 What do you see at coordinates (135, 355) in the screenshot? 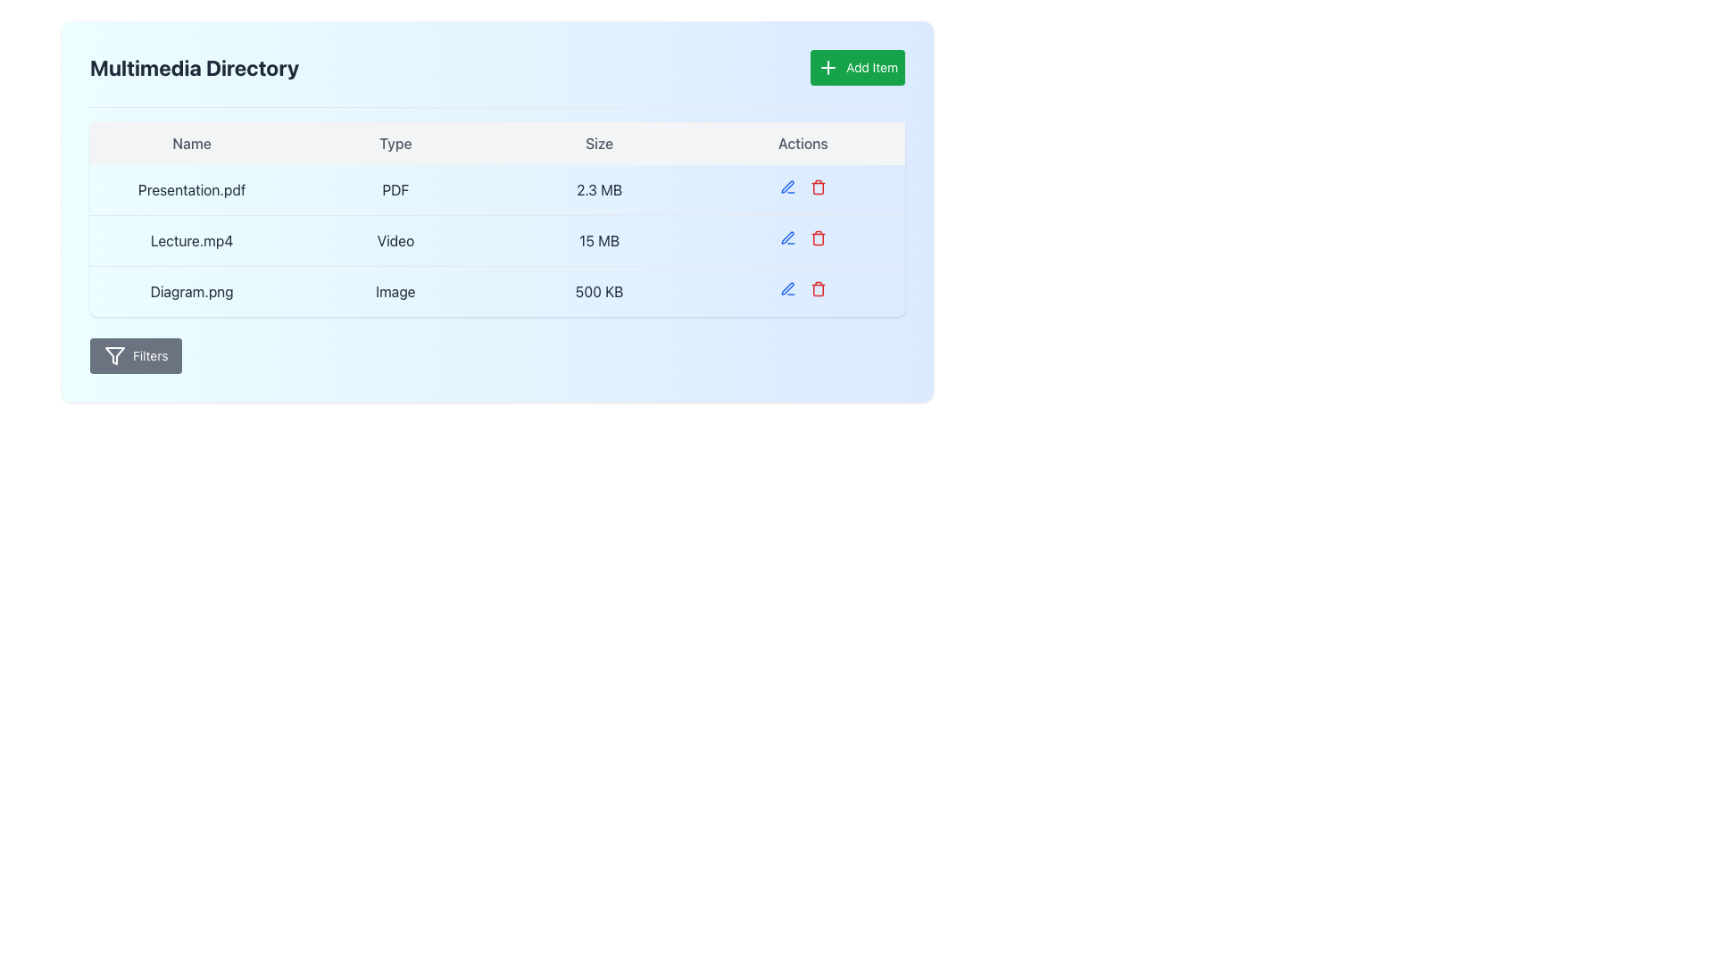
I see `the 'Filters' button, which is a rectangular button with rounded corners and an icon resembling a filter funnel` at bounding box center [135, 355].